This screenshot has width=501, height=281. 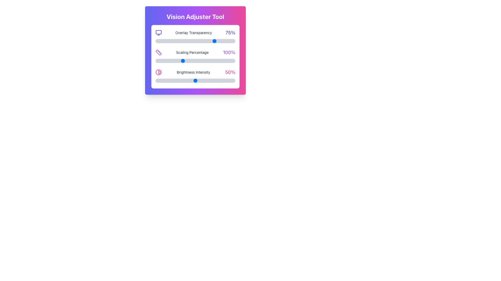 I want to click on the scaling percentage, so click(x=162, y=61).